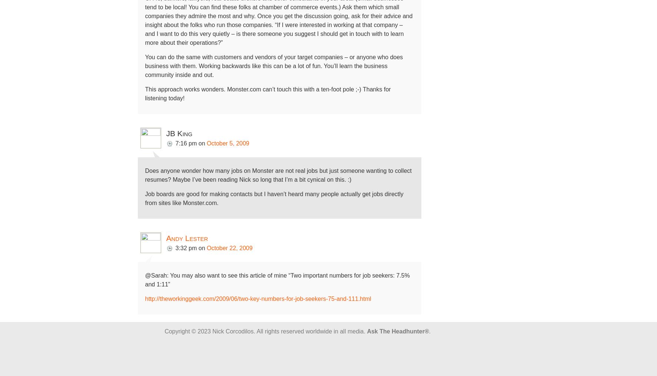  Describe the element at coordinates (277, 280) in the screenshot. I see `'@Sarah: You may also want to see this article of mine “Two important numbers for job seekers: 7.5% and 1:11”'` at that location.